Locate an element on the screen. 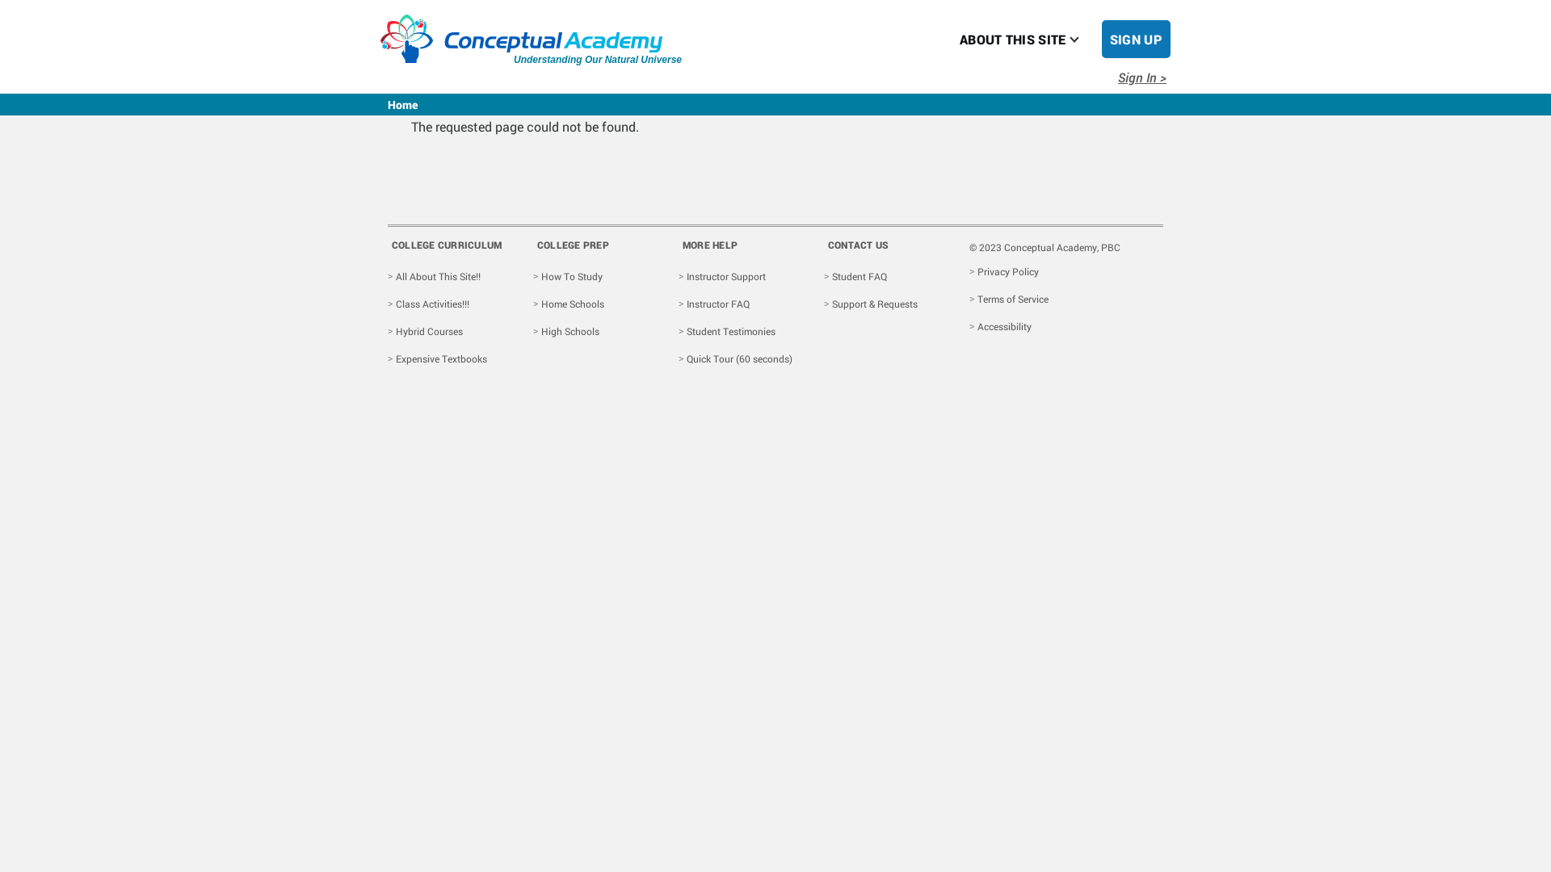  'How To Study' is located at coordinates (541, 275).